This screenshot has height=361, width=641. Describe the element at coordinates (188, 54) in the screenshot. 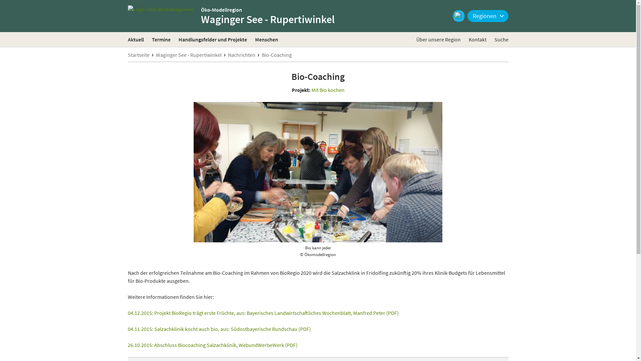

I see `'Waginger See - Rupertiwinkel'` at that location.